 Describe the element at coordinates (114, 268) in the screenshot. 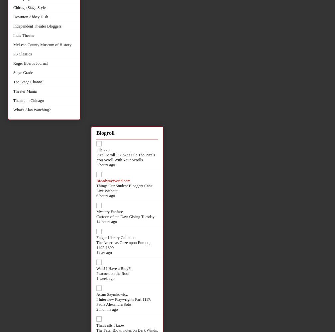

I see `'Wait!  I Have a Blog?!'` at that location.